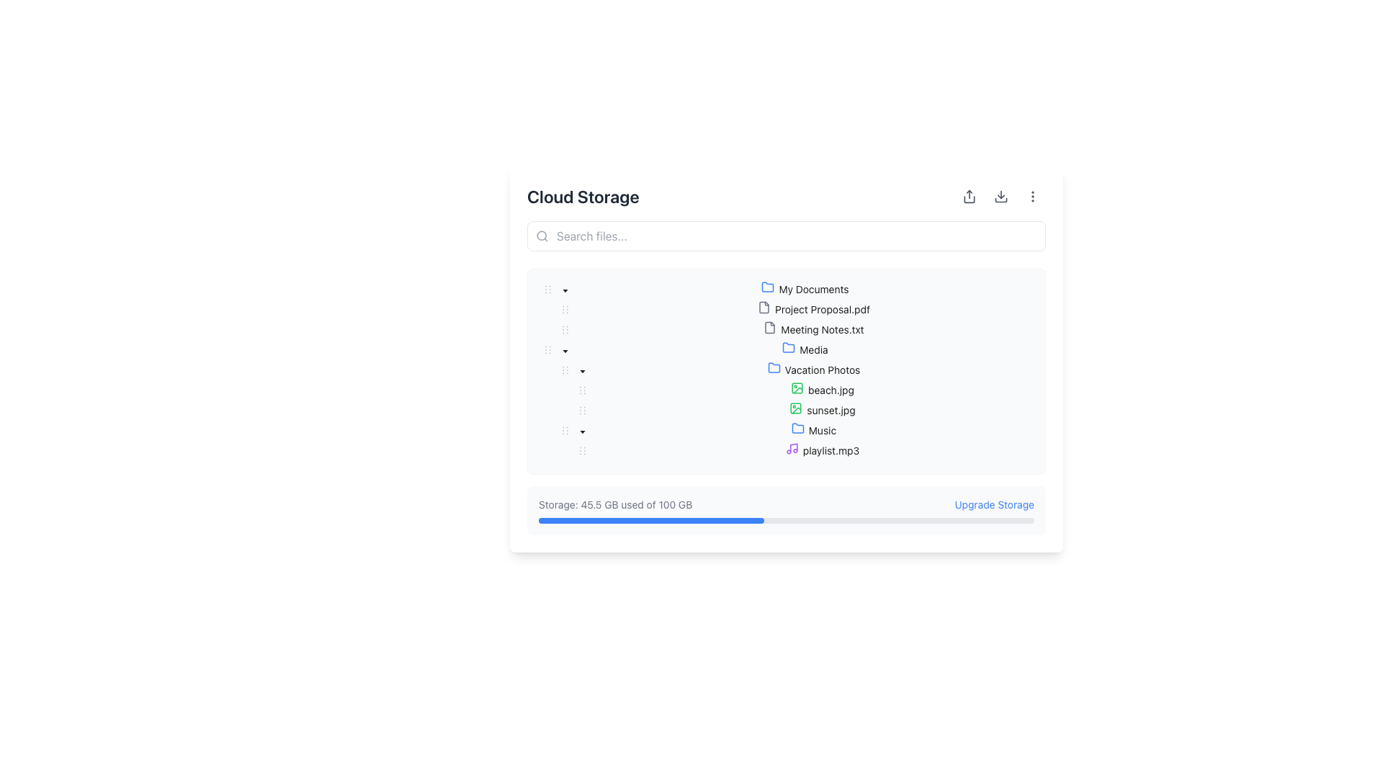 Image resolution: width=1383 pixels, height=778 pixels. Describe the element at coordinates (823, 411) in the screenshot. I see `to select the file item named 'sunset.jpg' in the file tree structure, which is located under the 'Vacation Photos' folder` at that location.